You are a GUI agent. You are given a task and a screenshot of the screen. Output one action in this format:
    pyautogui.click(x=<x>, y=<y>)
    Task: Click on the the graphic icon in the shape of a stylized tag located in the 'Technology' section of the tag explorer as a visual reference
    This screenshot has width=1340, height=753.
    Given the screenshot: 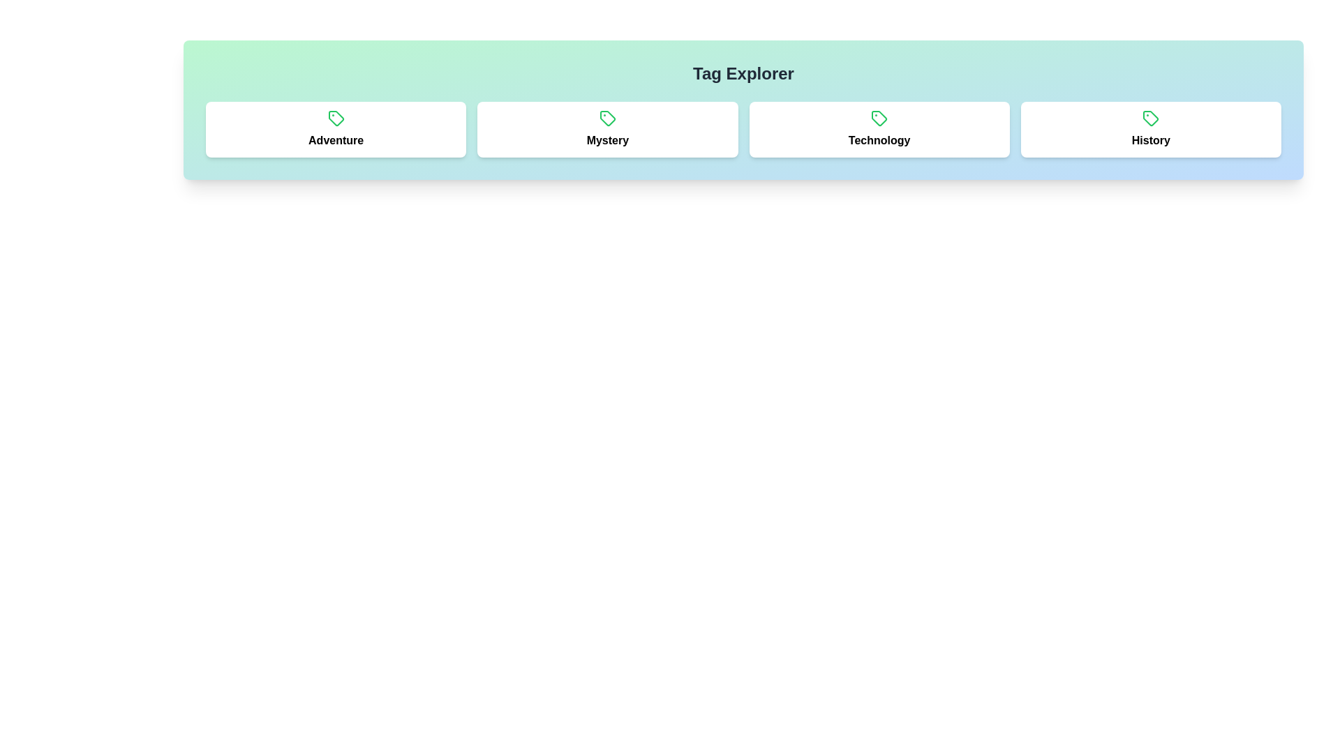 What is the action you would take?
    pyautogui.click(x=879, y=117)
    